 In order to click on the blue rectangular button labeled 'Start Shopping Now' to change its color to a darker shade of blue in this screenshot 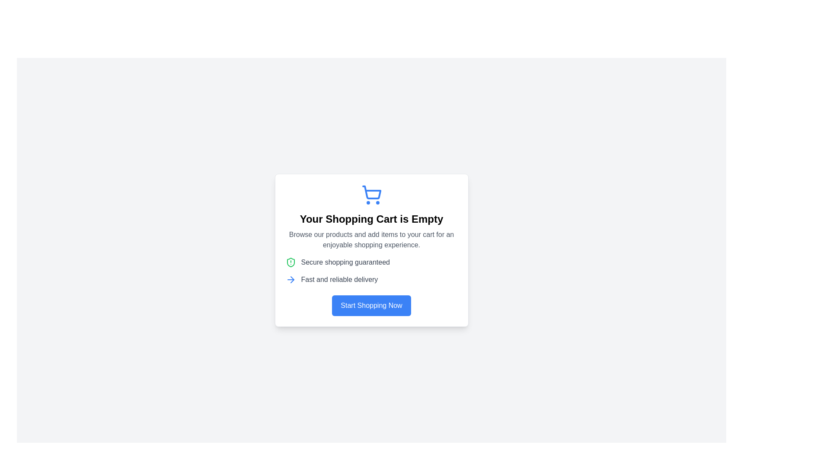, I will do `click(371, 305)`.